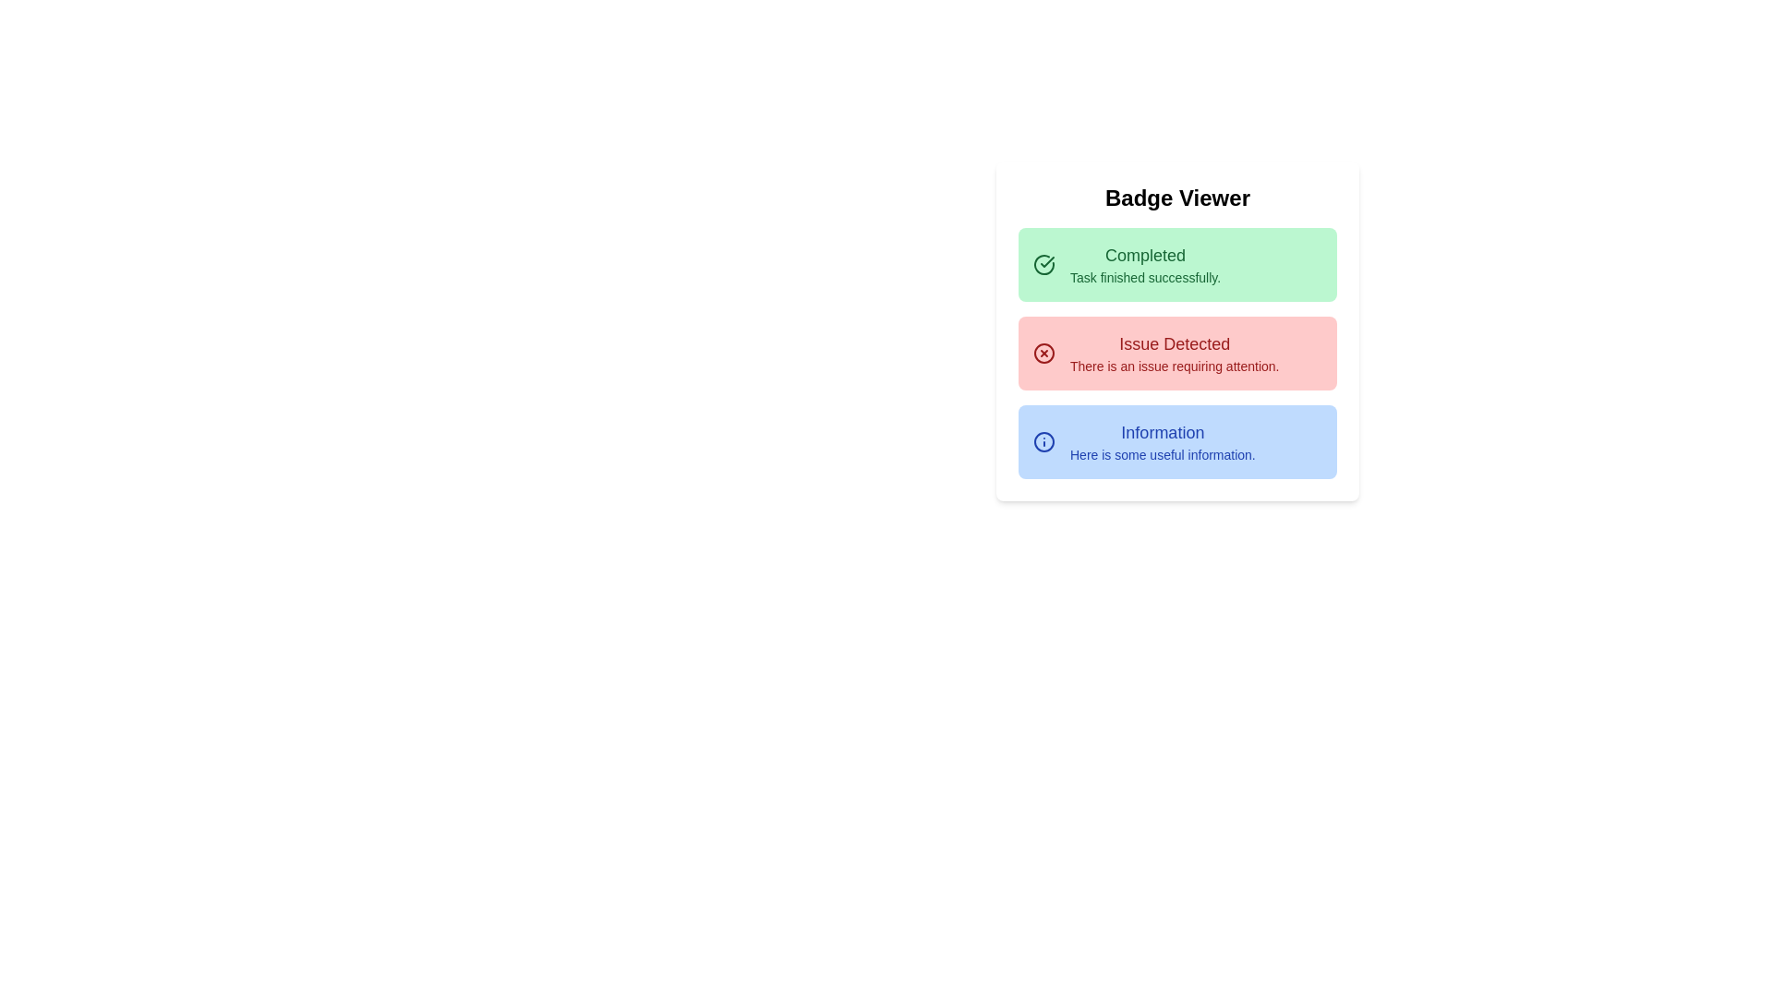 Image resolution: width=1773 pixels, height=997 pixels. Describe the element at coordinates (1044, 264) in the screenshot. I see `the circular icon with a check mark inside it, which is styled with a green stroke and is located to the left of the 'Completed' label` at that location.